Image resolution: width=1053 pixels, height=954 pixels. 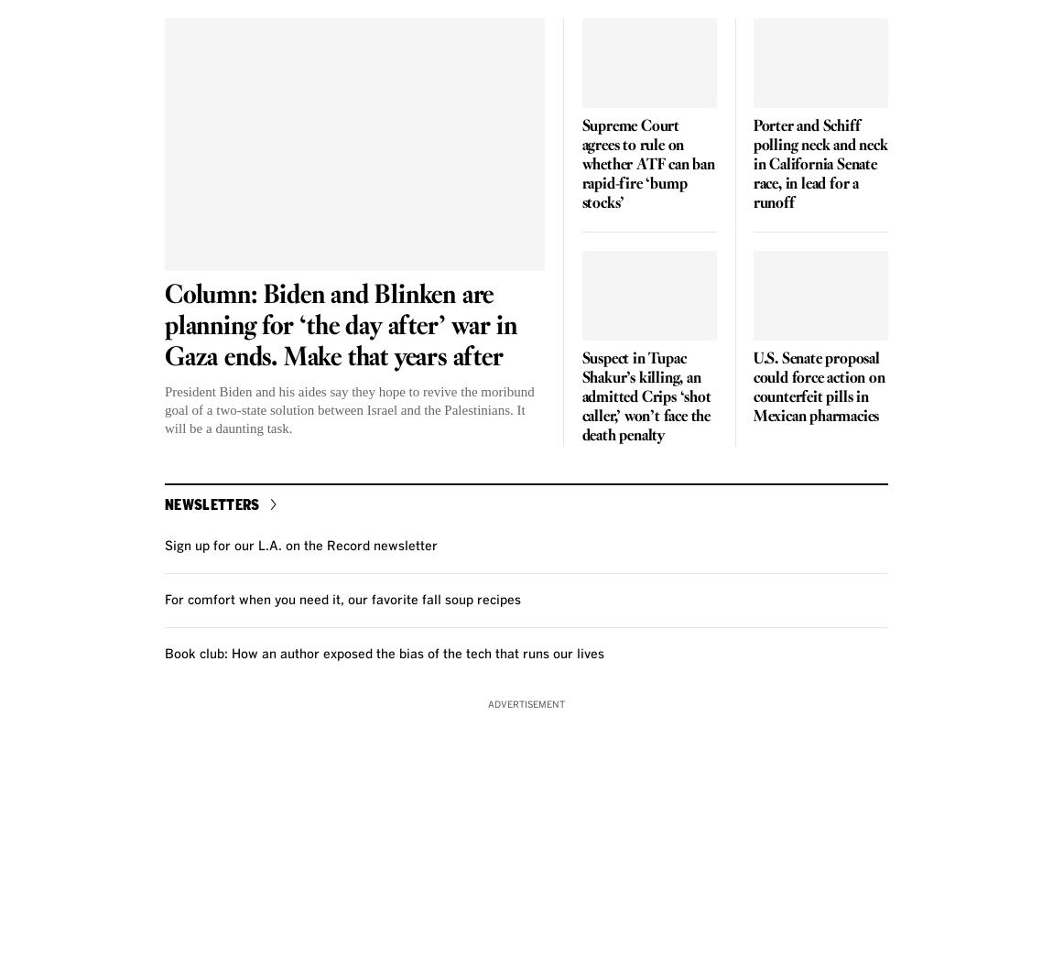 I want to click on 'Supreme Court agrees to rule on whether ATF can ban rapid-fire ‘bump stocks’', so click(x=646, y=163).